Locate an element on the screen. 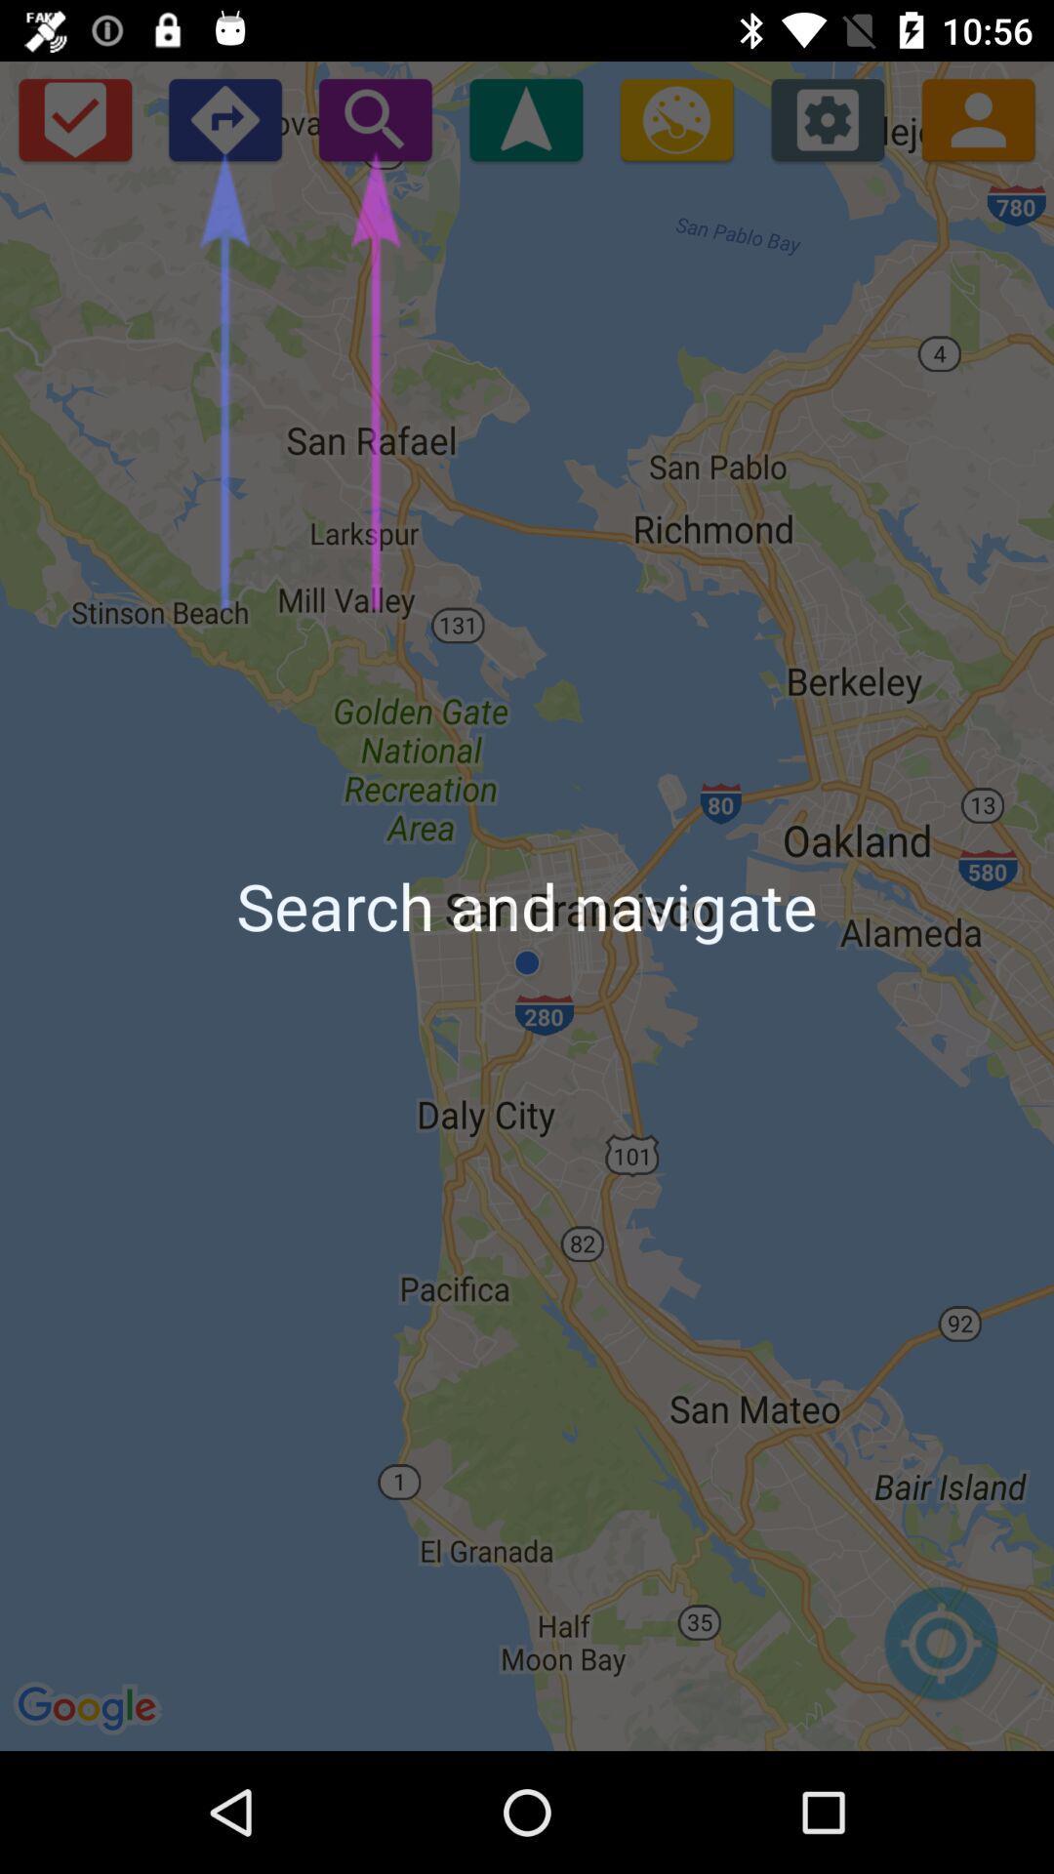 This screenshot has height=1874, width=1054. find gas station is located at coordinates (675, 118).